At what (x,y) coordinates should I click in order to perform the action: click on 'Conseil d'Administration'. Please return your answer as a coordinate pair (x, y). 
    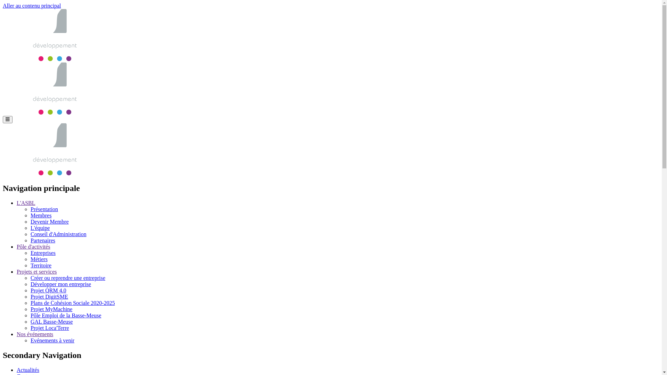
    Looking at the image, I should click on (30, 234).